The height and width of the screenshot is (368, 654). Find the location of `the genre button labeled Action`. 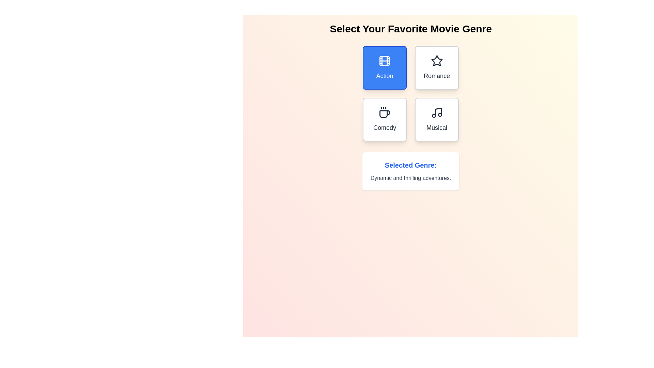

the genre button labeled Action is located at coordinates (384, 68).